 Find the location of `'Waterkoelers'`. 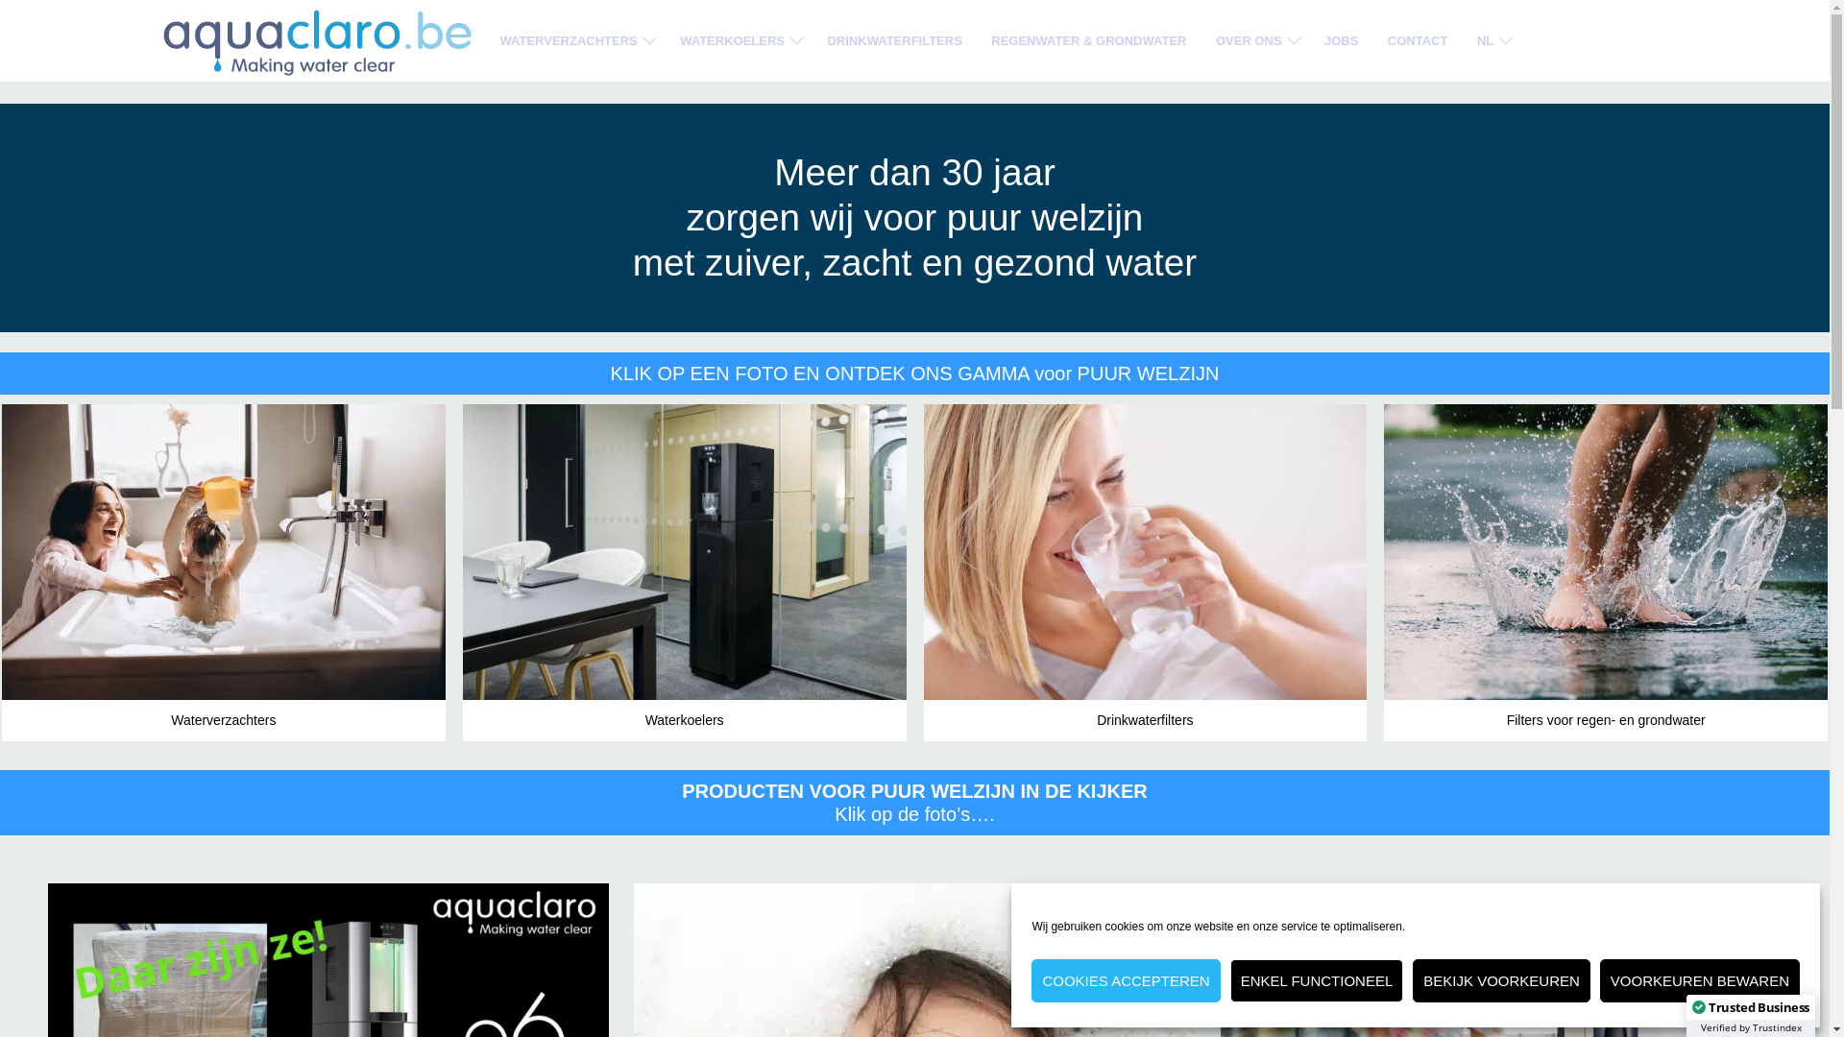

'Waterkoelers' is located at coordinates (685, 571).